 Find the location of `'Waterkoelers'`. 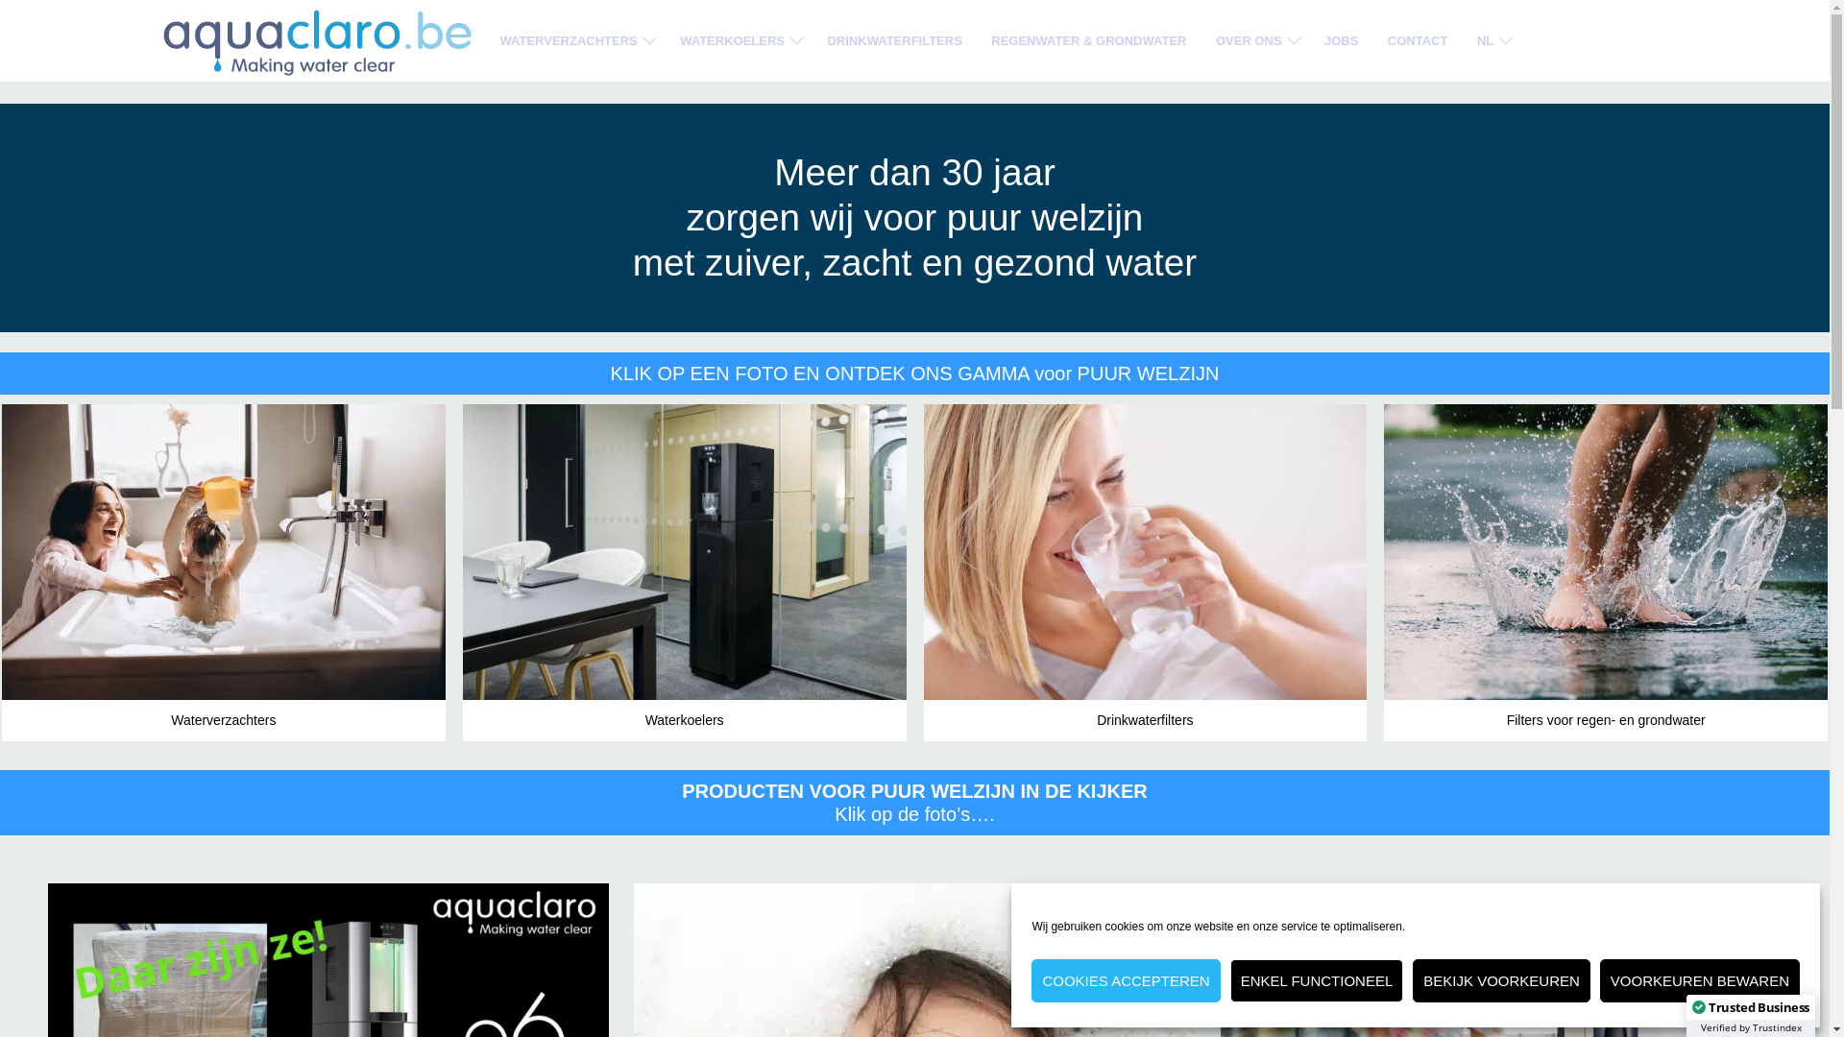

'Waterkoelers' is located at coordinates (685, 571).